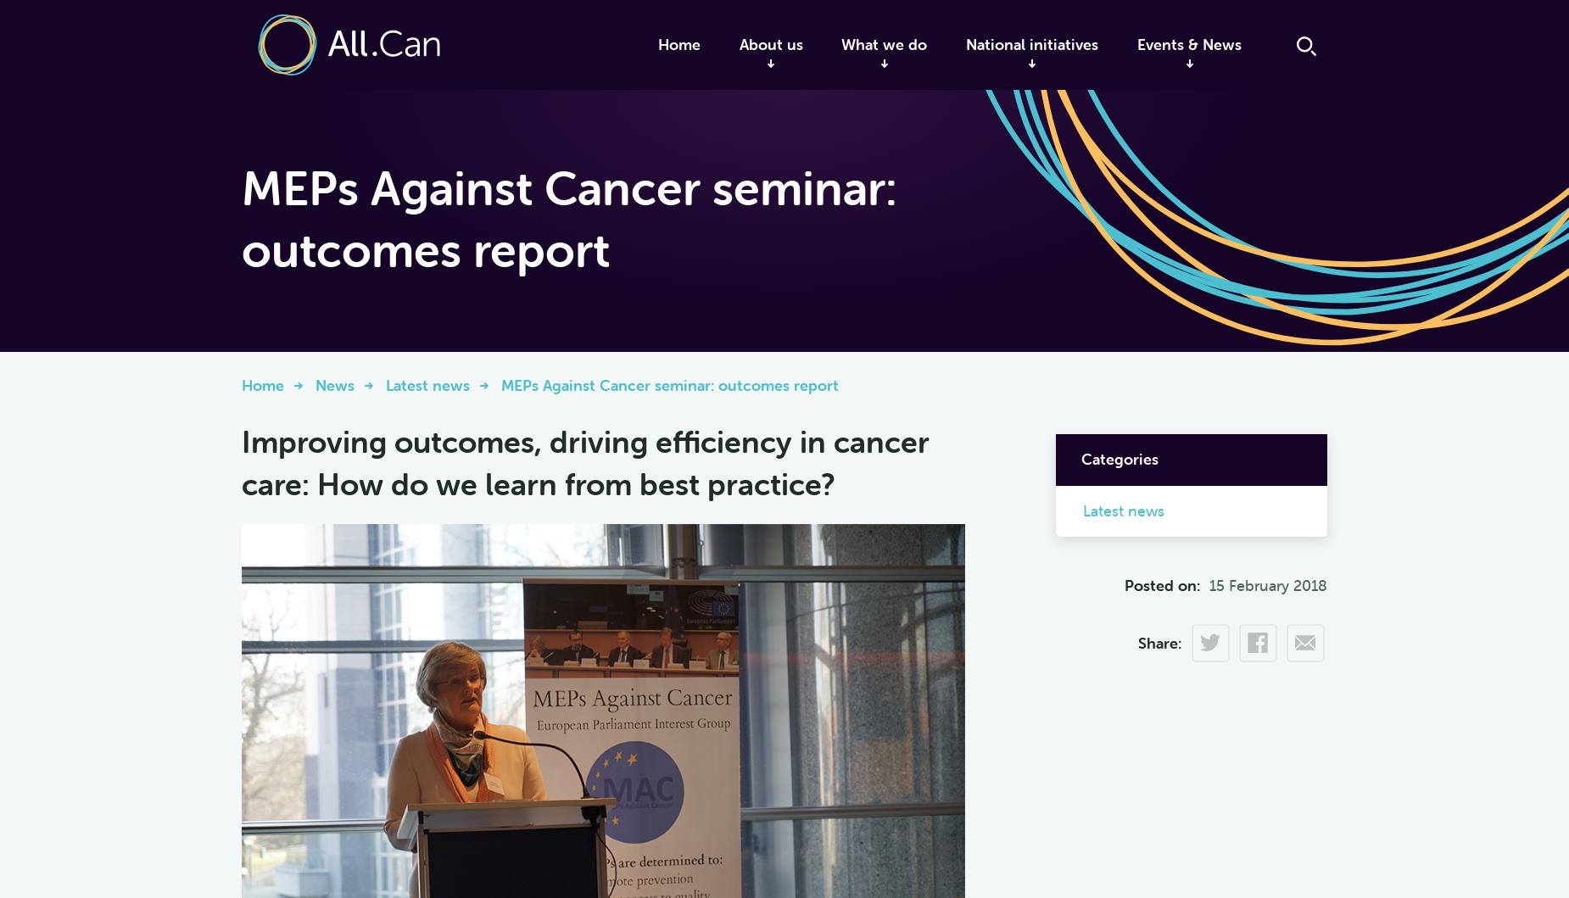  Describe the element at coordinates (333, 385) in the screenshot. I see `'News'` at that location.